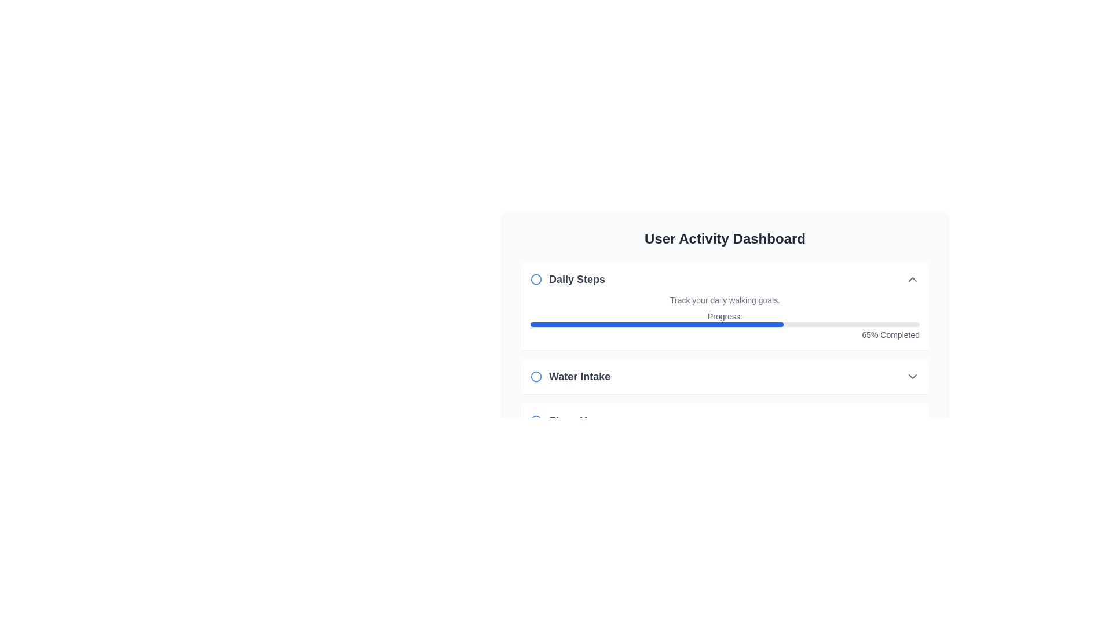 The height and width of the screenshot is (625, 1112). What do you see at coordinates (536, 377) in the screenshot?
I see `the blue circular icon with a thin blue border located to the left of the 'Water Intake' text label` at bounding box center [536, 377].